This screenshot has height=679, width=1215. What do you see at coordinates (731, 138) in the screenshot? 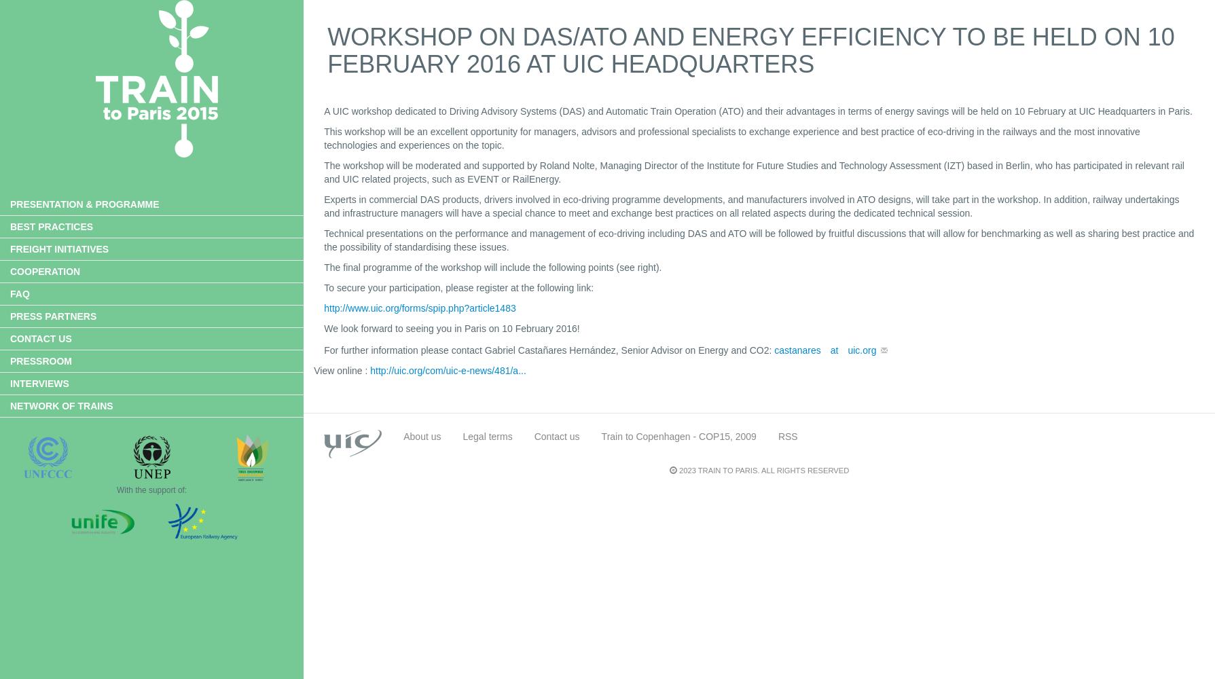
I see `'This workshop will be an excellent opportunity for managers, advisors and professional specialists to exchange experience and best practice of eco-driving in the railways and the most innovative technologies and experiences on the topic.'` at bounding box center [731, 138].